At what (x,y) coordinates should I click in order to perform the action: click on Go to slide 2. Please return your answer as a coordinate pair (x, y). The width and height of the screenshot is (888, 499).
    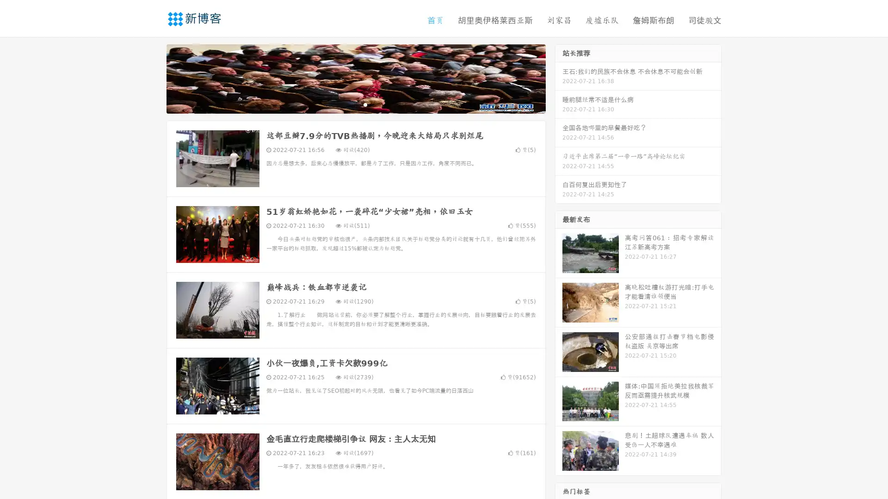
    Looking at the image, I should click on (355, 104).